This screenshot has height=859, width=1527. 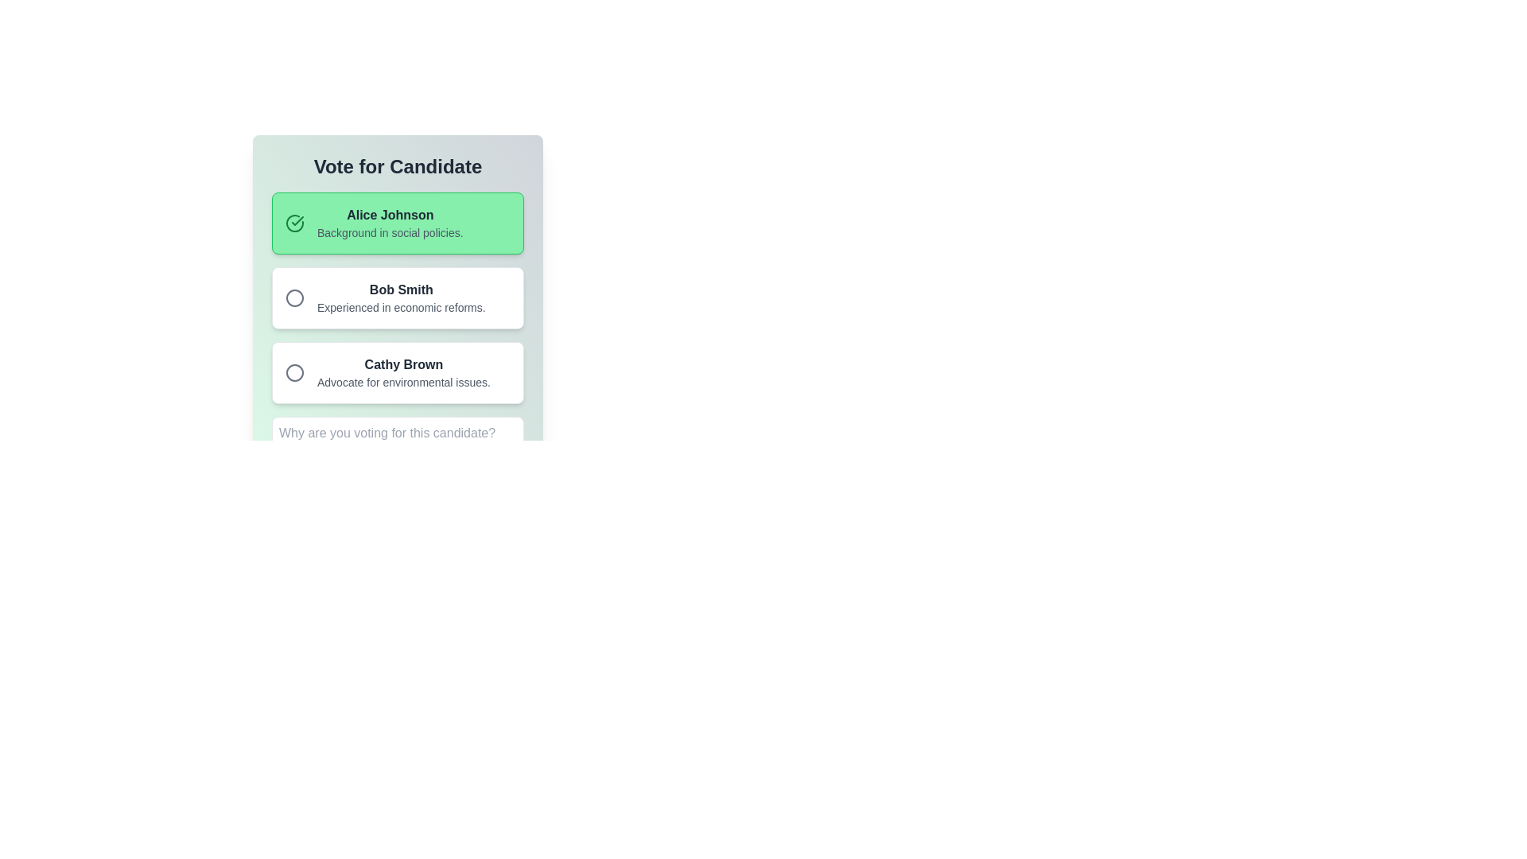 I want to click on the text label providing information about the candidate 'Cathy Brown's' focus area on environmental advocacy, located directly beneath the candidate's name in the selection interface, so click(x=404, y=383).